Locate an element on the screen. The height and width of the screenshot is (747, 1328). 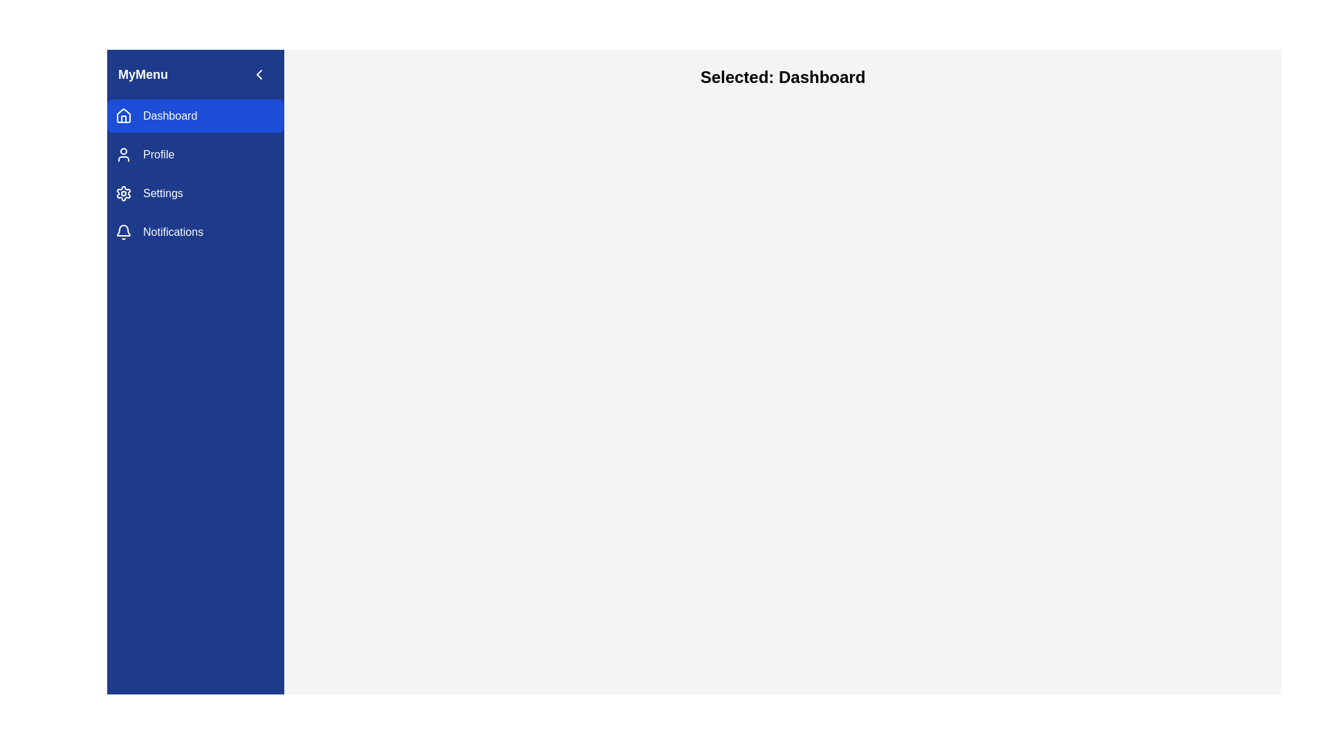
the profile icon in the navigation menu, which is visually identified as the 'Profile' item located to the left of the text 'Profile' is located at coordinates (123, 154).